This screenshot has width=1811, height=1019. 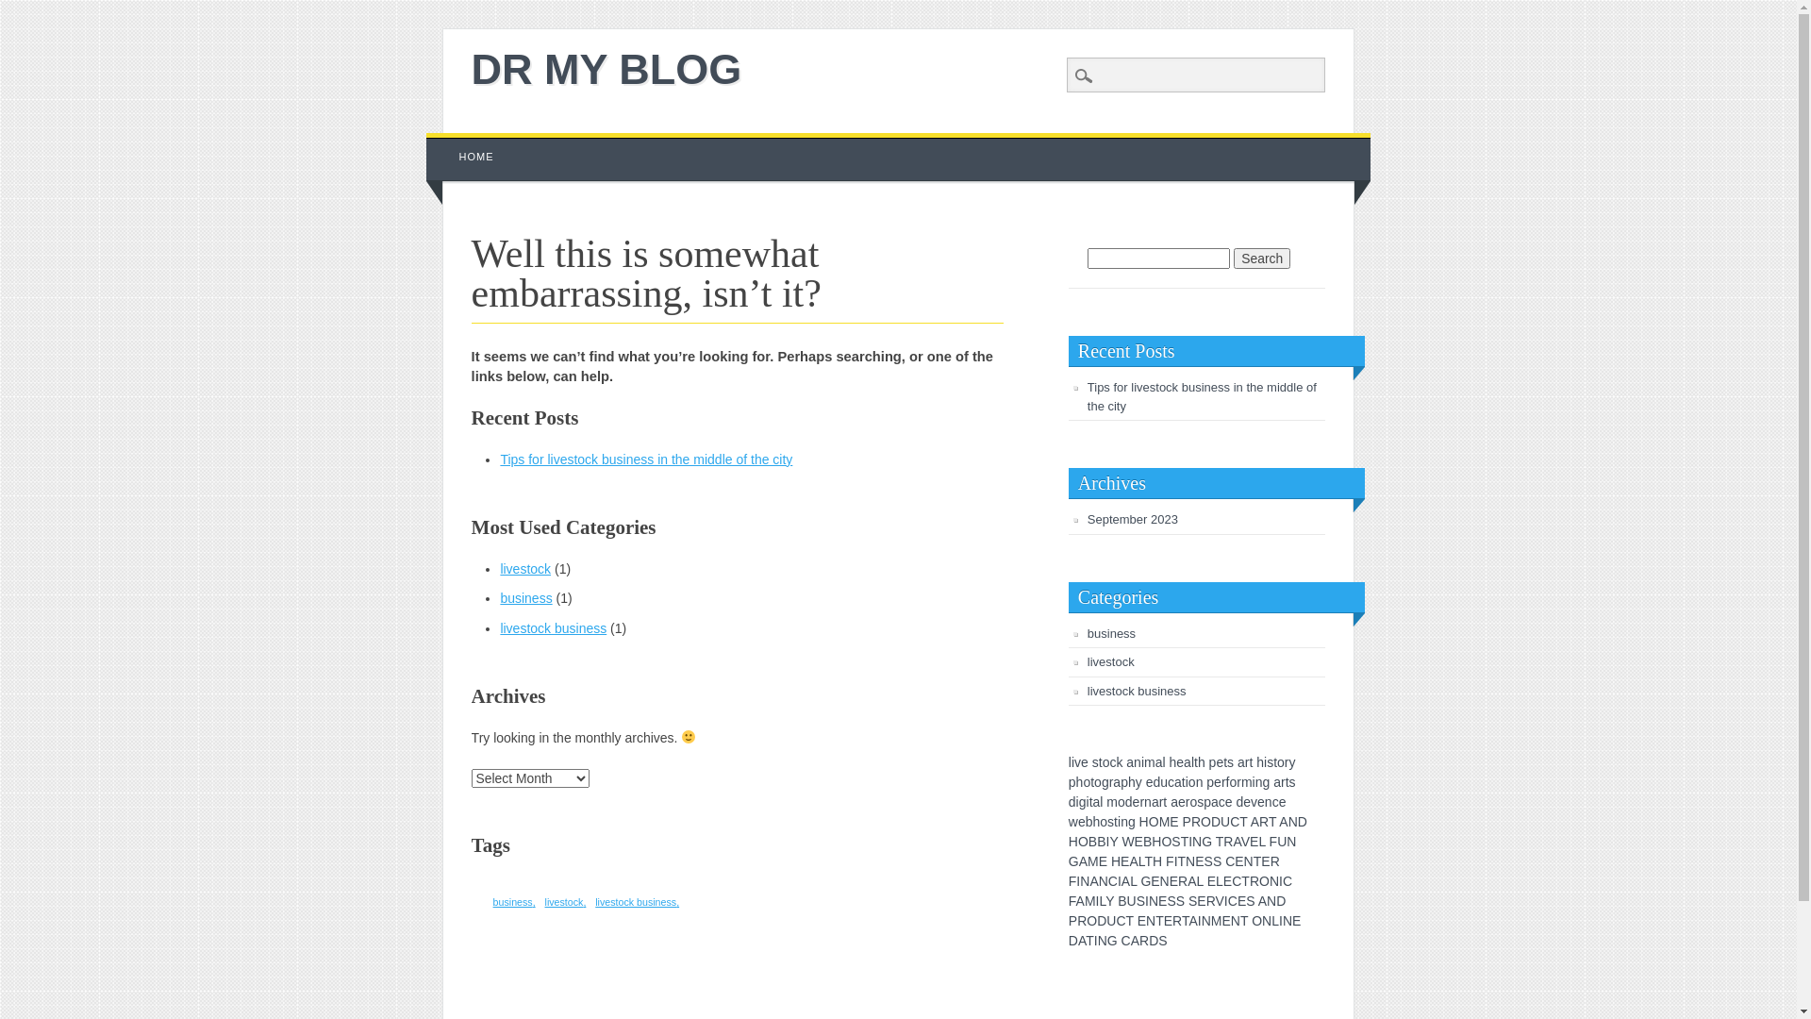 What do you see at coordinates (1292, 821) in the screenshot?
I see `'N'` at bounding box center [1292, 821].